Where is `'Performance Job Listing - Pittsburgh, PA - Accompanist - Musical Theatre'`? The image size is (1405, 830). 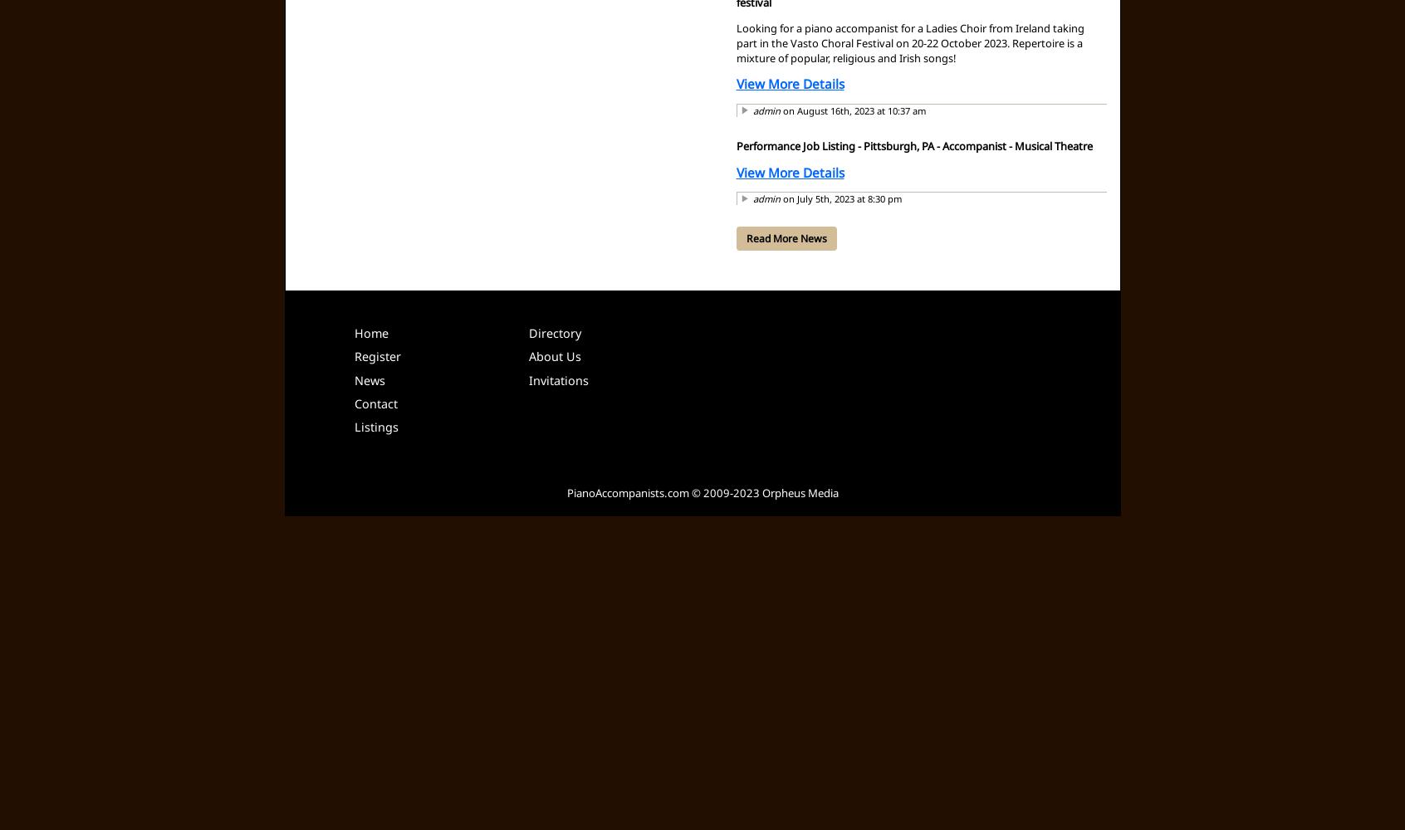
'Performance Job Listing - Pittsburgh, PA - Accompanist - Musical Theatre' is located at coordinates (734, 145).